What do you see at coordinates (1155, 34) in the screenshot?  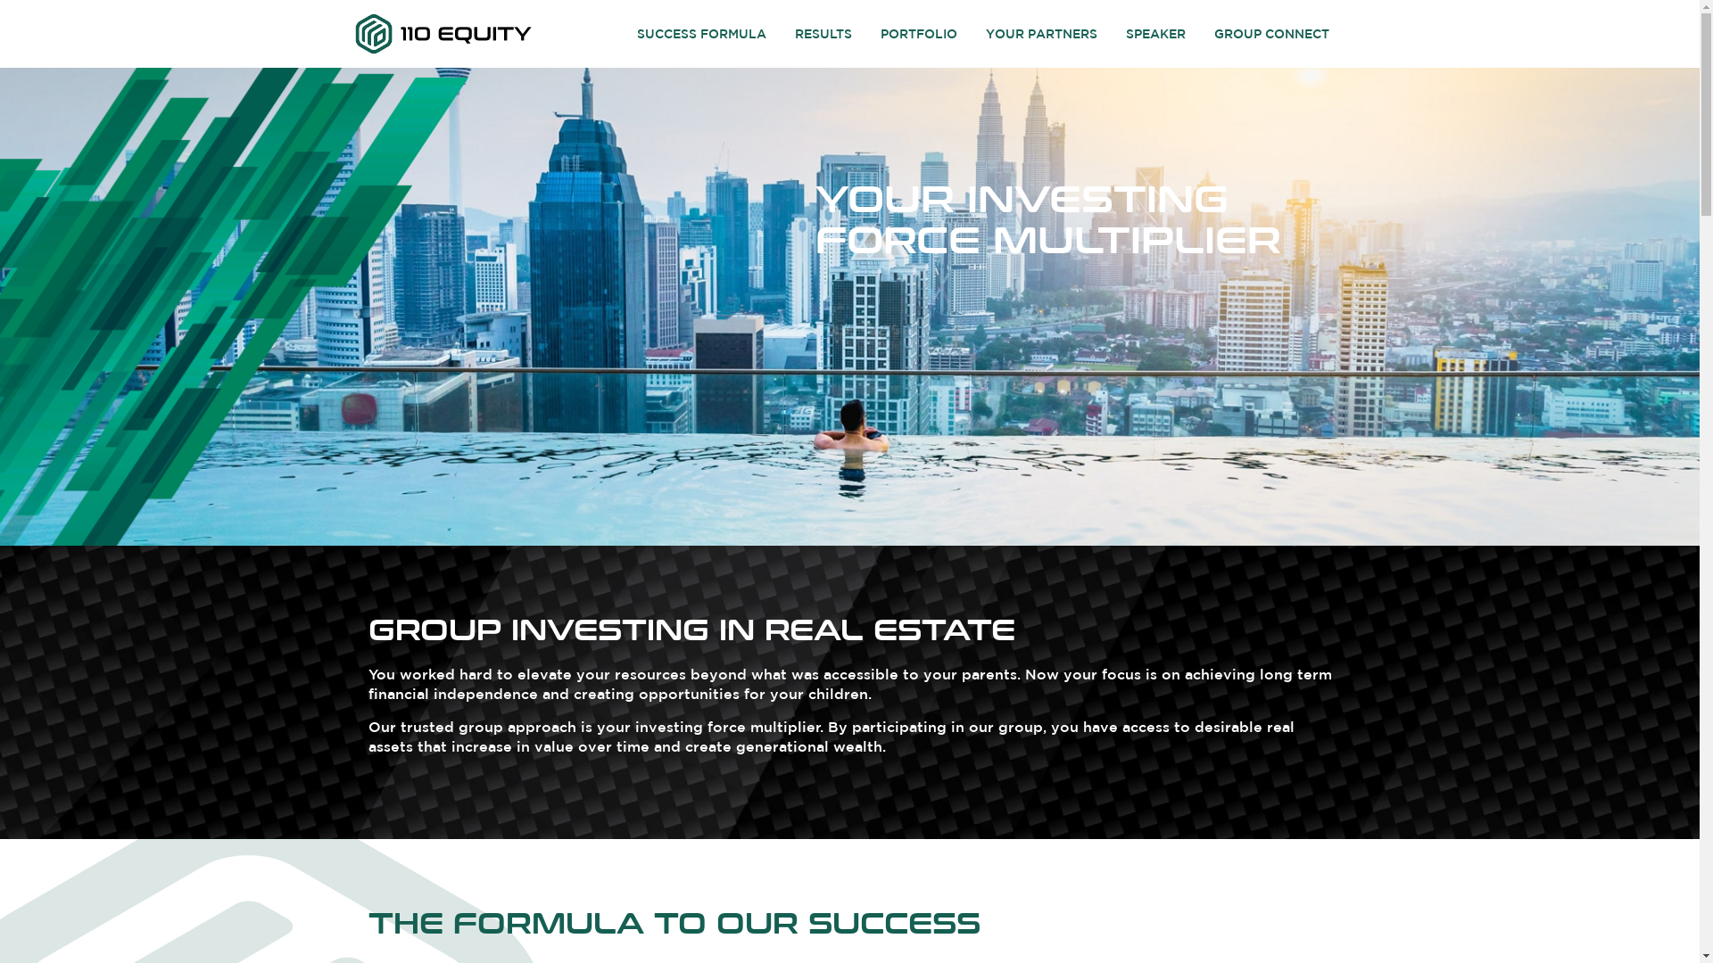 I see `'SPEAKER'` at bounding box center [1155, 34].